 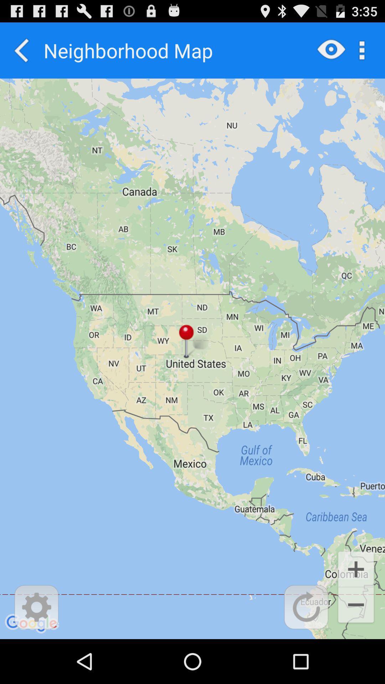 I want to click on the settings icon, so click(x=36, y=650).